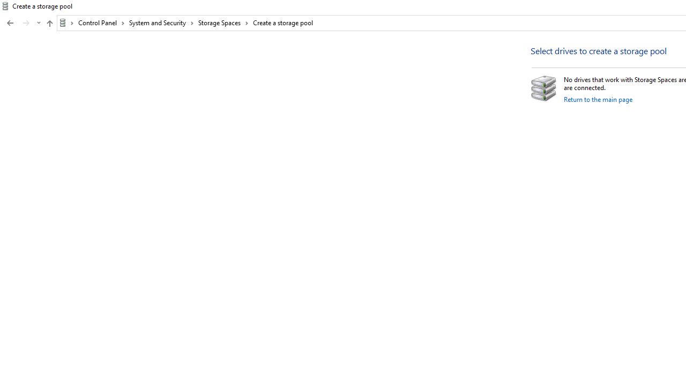 This screenshot has height=386, width=686. Describe the element at coordinates (5, 6) in the screenshot. I see `'System'` at that location.